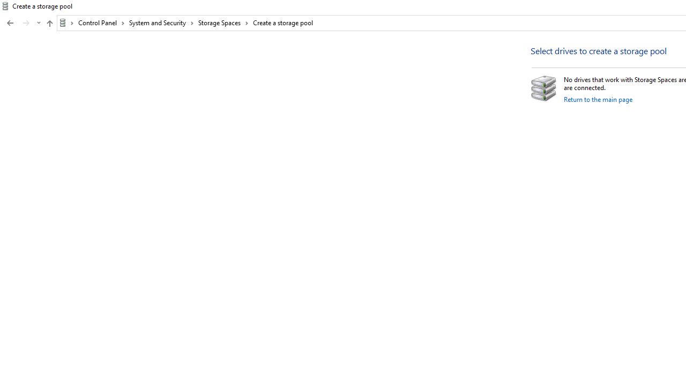 This screenshot has height=386, width=686. Describe the element at coordinates (5, 6) in the screenshot. I see `'System'` at that location.